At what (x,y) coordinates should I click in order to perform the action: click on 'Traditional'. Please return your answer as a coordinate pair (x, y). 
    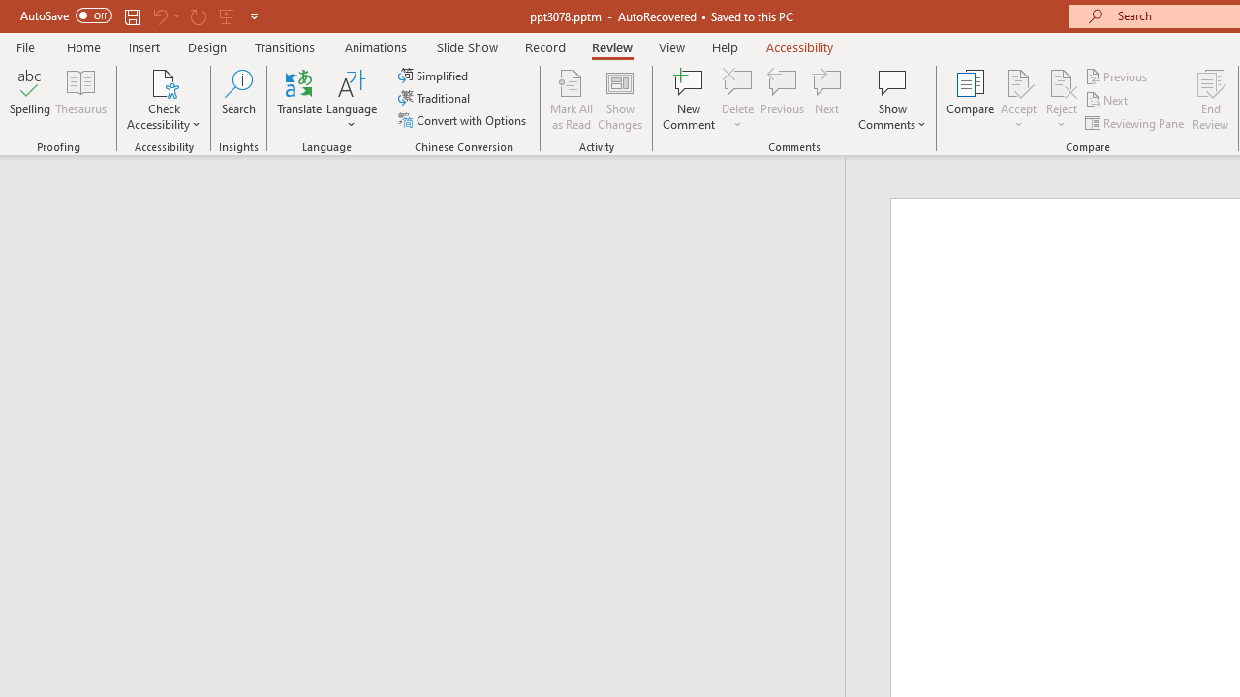
    Looking at the image, I should click on (434, 98).